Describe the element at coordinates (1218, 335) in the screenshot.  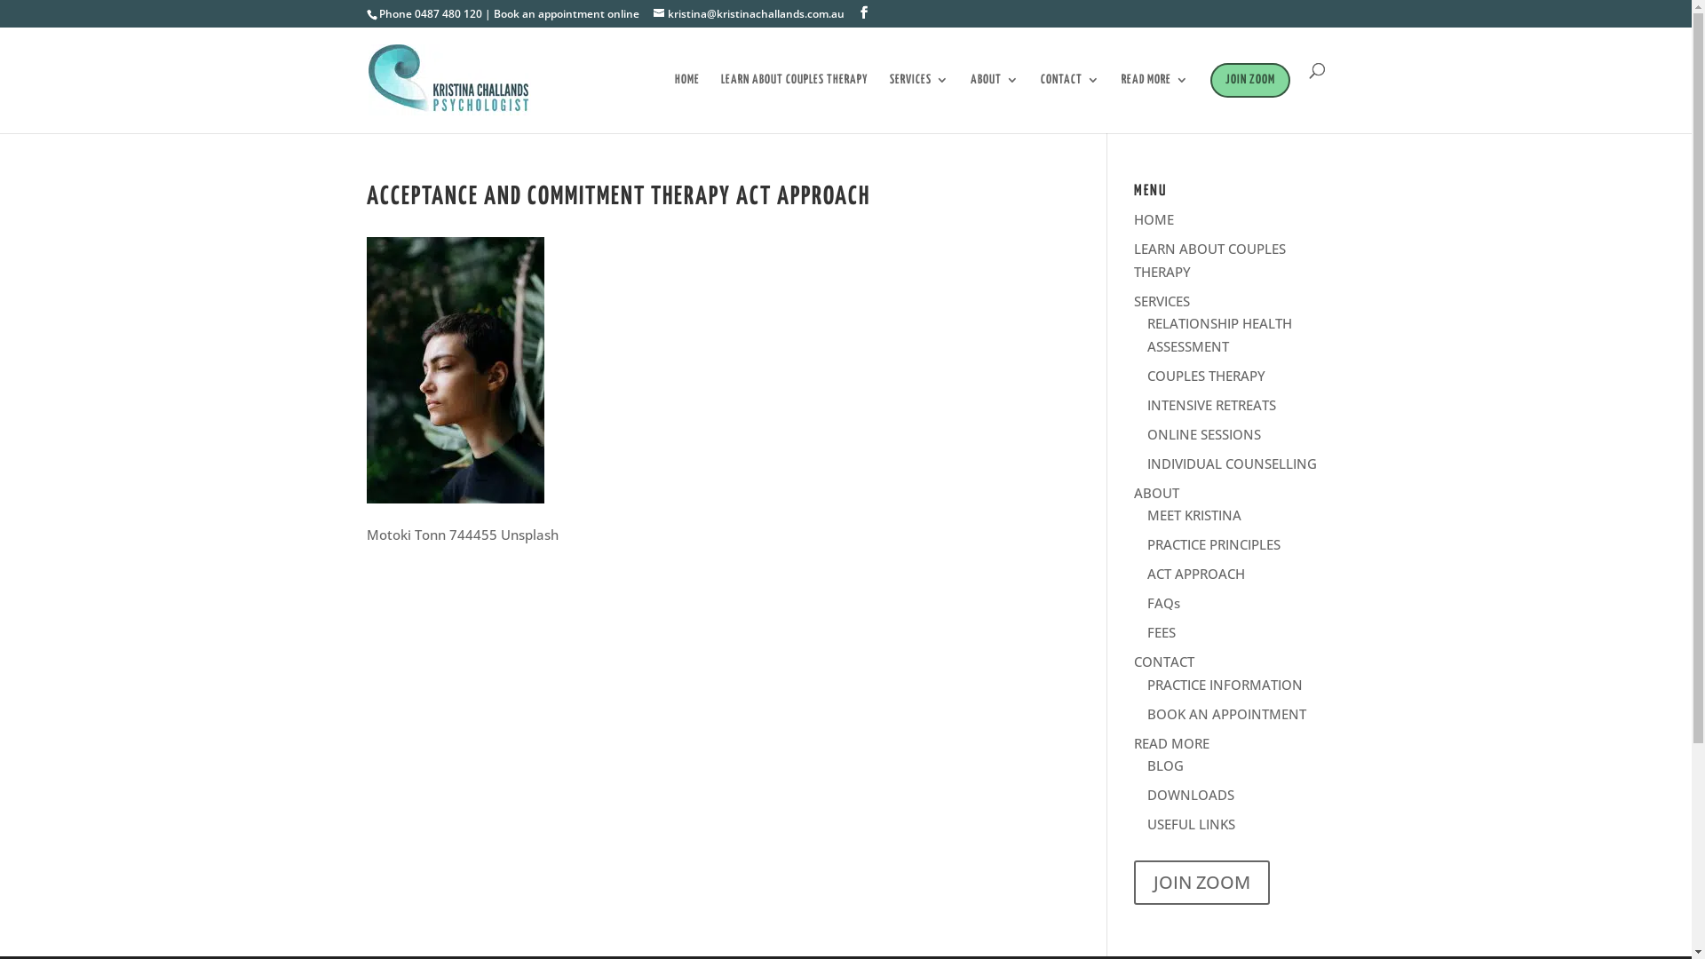
I see `'RELATIONSHIP HEALTH ASSESSMENT'` at that location.